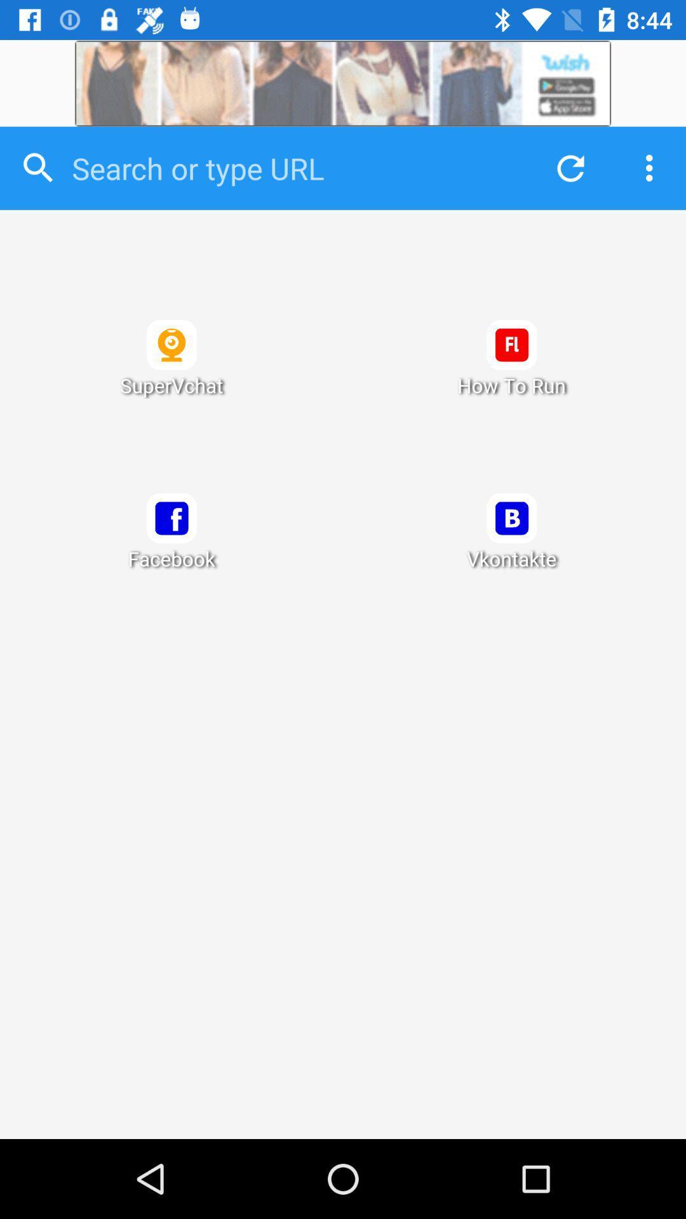 The image size is (686, 1219). What do you see at coordinates (567, 168) in the screenshot?
I see `refresh` at bounding box center [567, 168].